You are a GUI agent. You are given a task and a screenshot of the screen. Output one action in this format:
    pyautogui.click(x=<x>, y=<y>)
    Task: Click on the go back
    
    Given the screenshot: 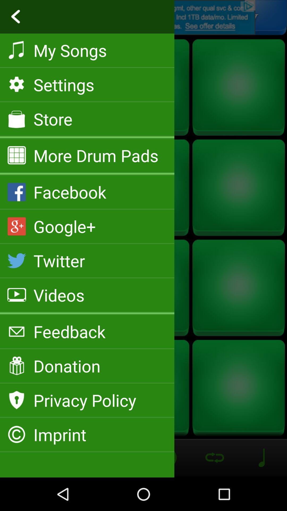 What is the action you would take?
    pyautogui.click(x=143, y=17)
    